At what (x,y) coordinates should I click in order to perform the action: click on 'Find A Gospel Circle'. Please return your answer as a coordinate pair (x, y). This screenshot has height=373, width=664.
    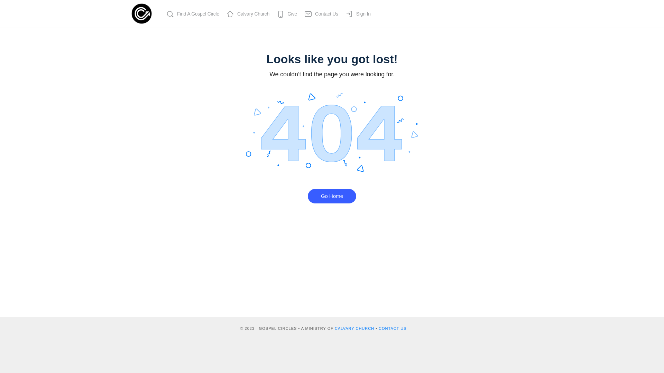
    Looking at the image, I should click on (192, 13).